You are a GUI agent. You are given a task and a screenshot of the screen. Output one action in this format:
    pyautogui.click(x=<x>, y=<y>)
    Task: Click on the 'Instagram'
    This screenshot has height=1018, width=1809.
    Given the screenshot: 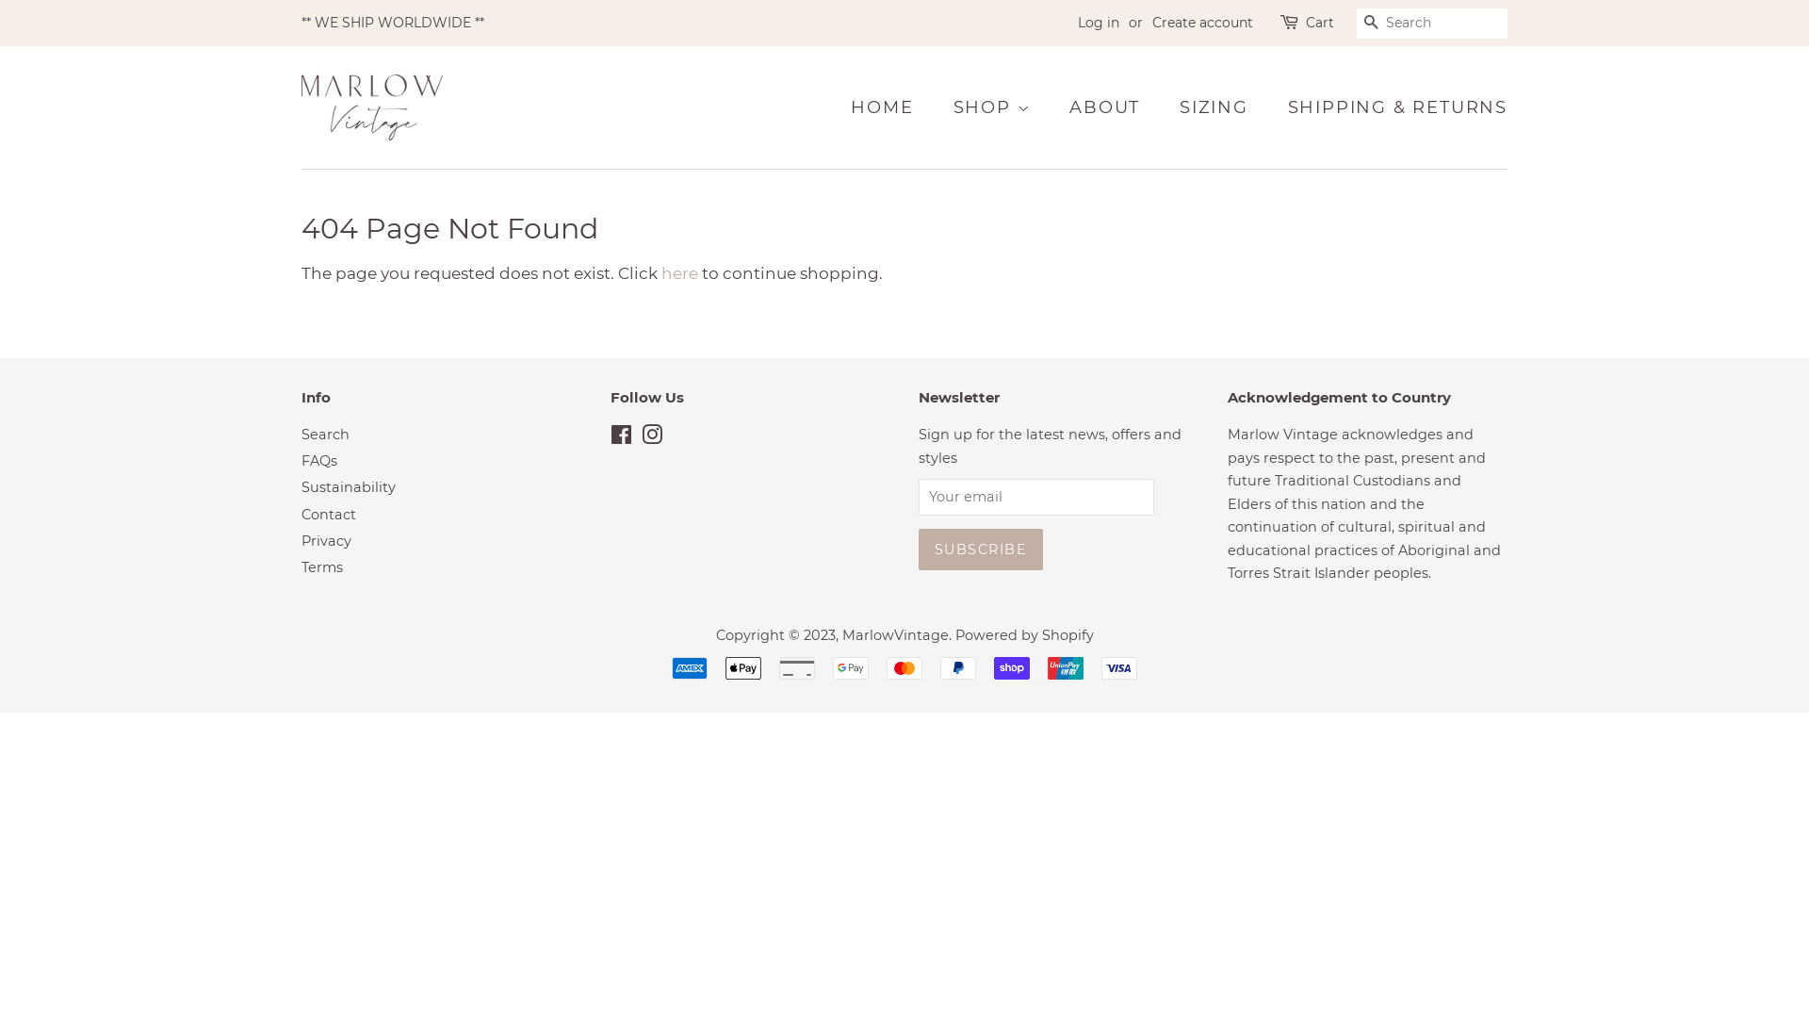 What is the action you would take?
    pyautogui.click(x=641, y=438)
    